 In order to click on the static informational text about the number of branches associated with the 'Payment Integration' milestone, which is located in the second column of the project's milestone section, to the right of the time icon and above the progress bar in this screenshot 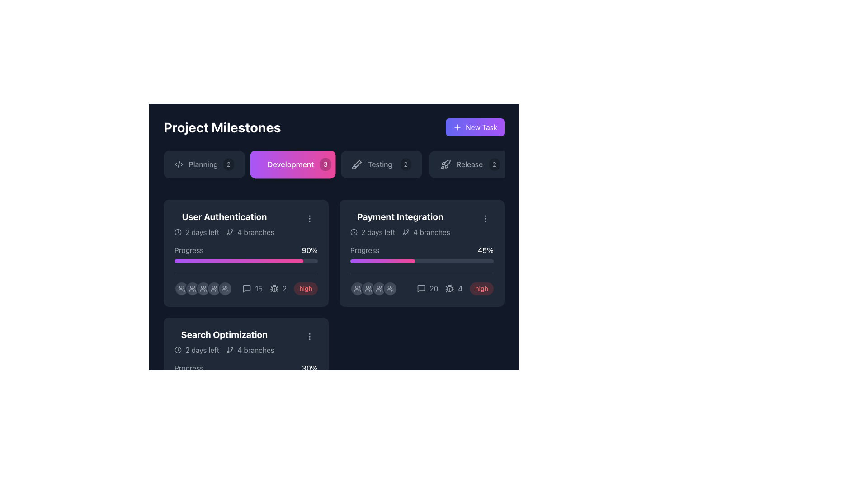, I will do `click(426, 231)`.